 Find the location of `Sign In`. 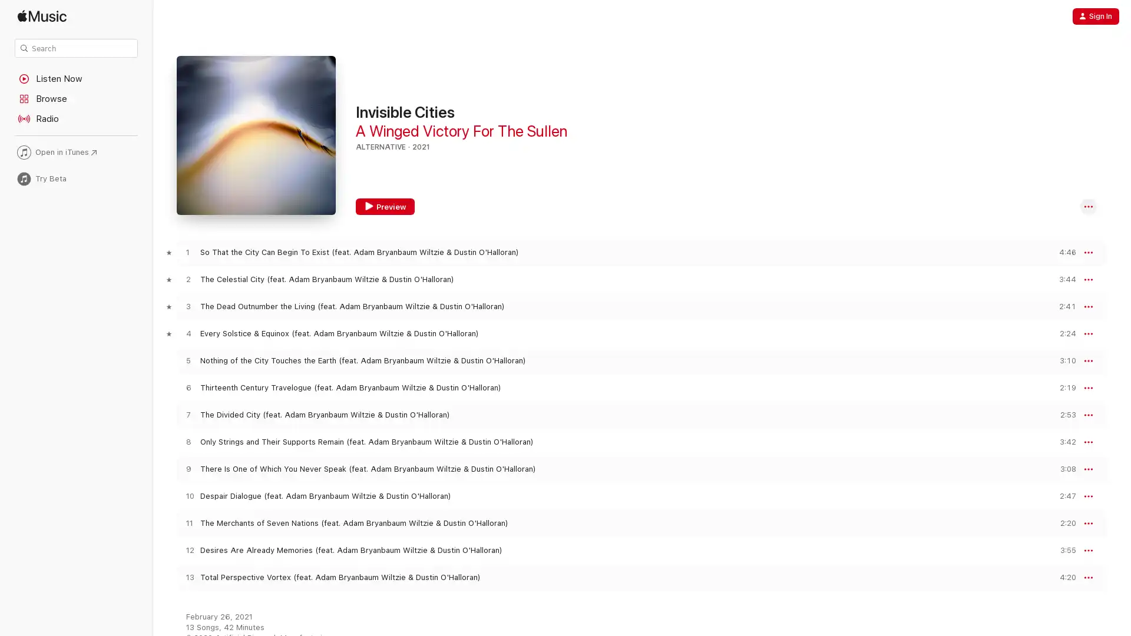

Sign In is located at coordinates (1095, 16).